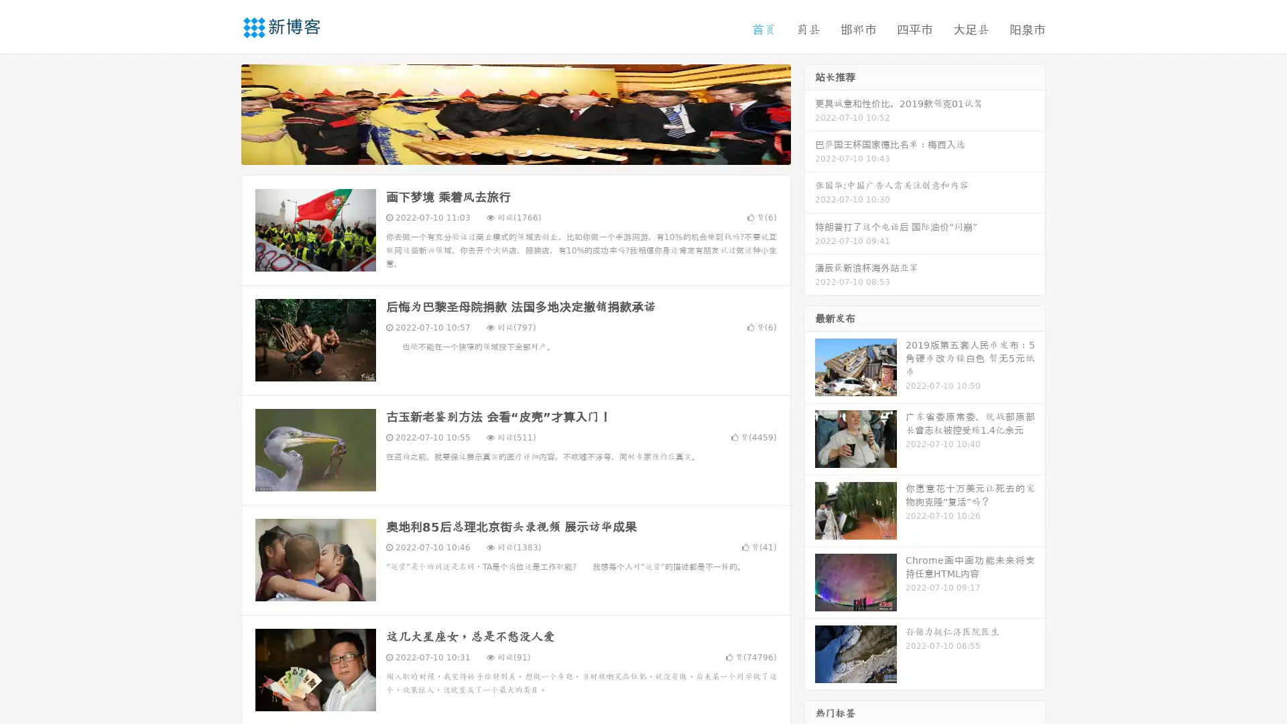 This screenshot has height=724, width=1287. Describe the element at coordinates (221, 113) in the screenshot. I see `Previous slide` at that location.